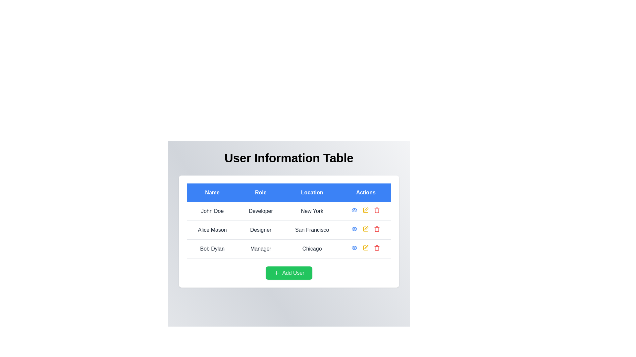 This screenshot has height=357, width=636. Describe the element at coordinates (365, 210) in the screenshot. I see `the edit icon located in the 'Actions' column of the second row for user 'Alice Mason' in the user information table` at that location.